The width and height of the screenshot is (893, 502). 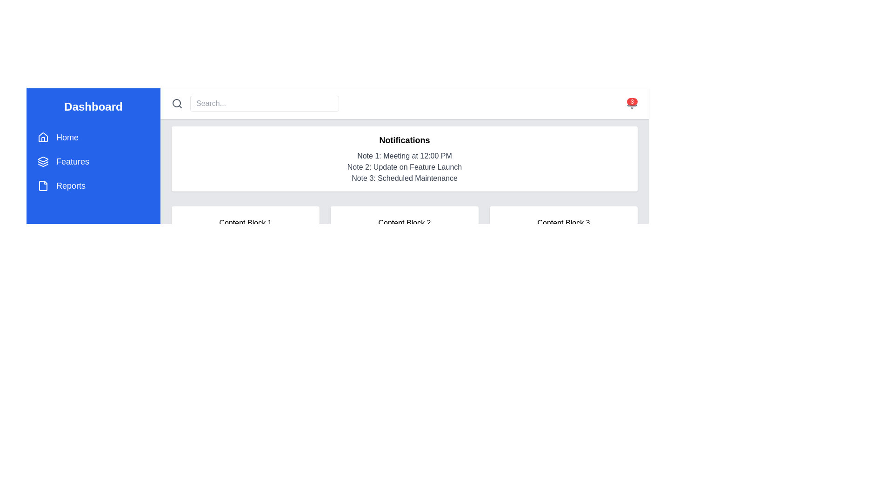 I want to click on the roof portion of the house icon in the navigation sidebar, which is part of the 'Home' menu item, to provide a visual cue for navigation, so click(x=42, y=137).